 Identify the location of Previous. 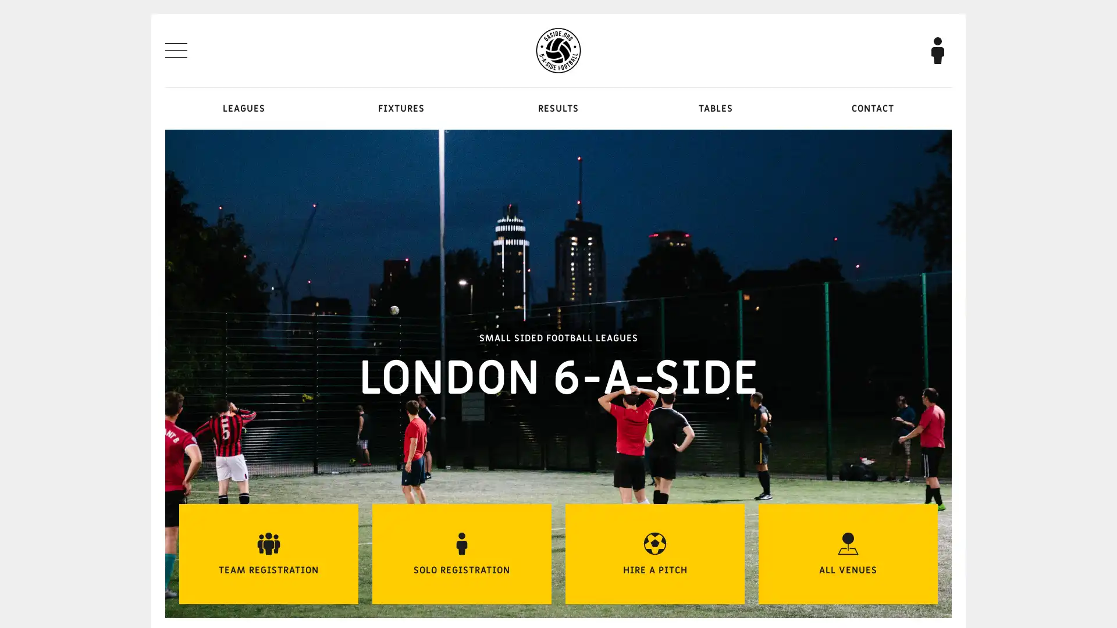
(155, 374).